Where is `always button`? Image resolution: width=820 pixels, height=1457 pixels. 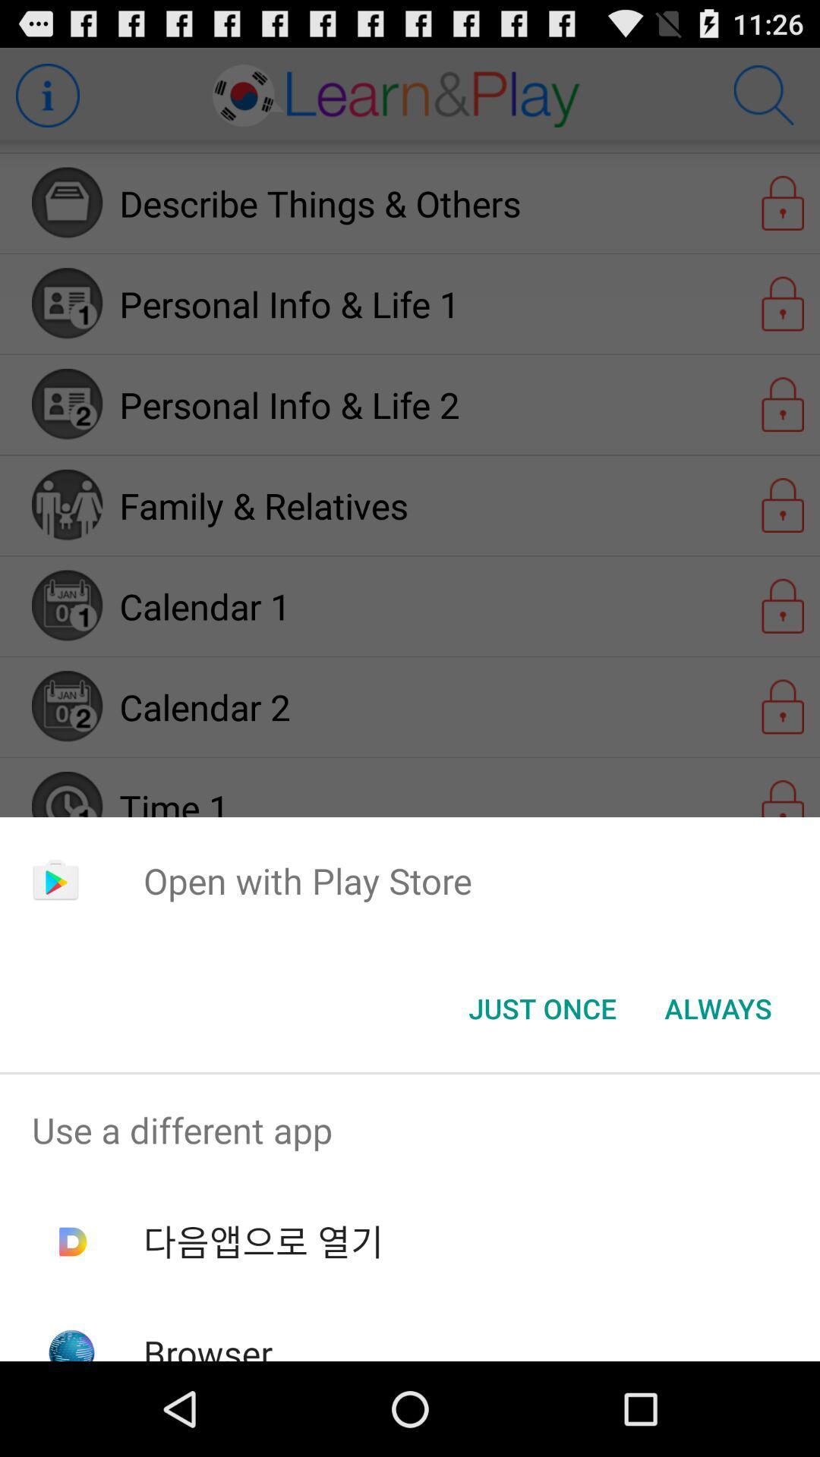 always button is located at coordinates (717, 1009).